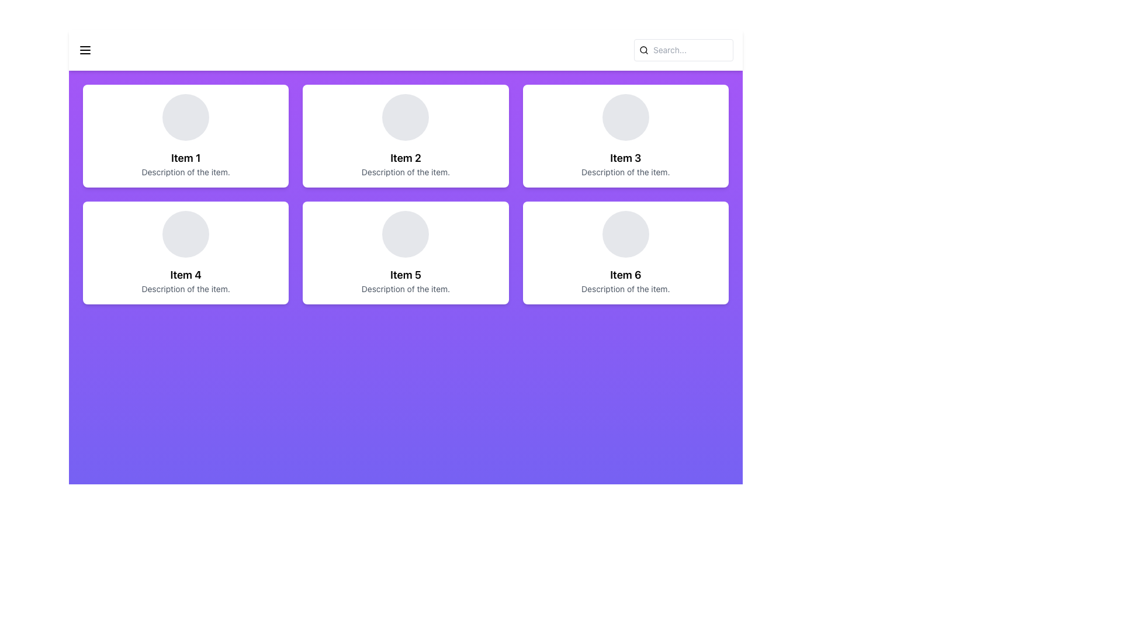 The width and height of the screenshot is (1122, 631). I want to click on the circular Avatar placeholder, which is light gray and positioned at the top-center of the card labeled 'Item 4', so click(185, 234).